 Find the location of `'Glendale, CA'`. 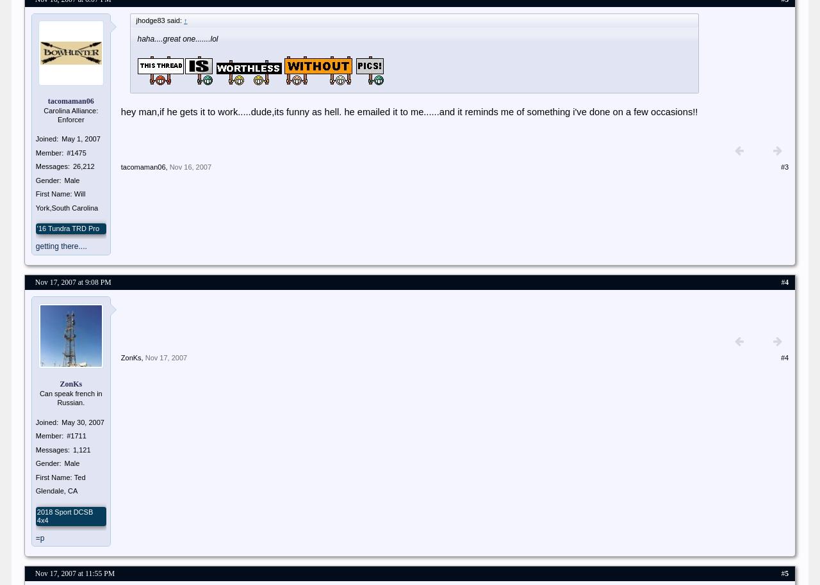

'Glendale, CA' is located at coordinates (56, 491).